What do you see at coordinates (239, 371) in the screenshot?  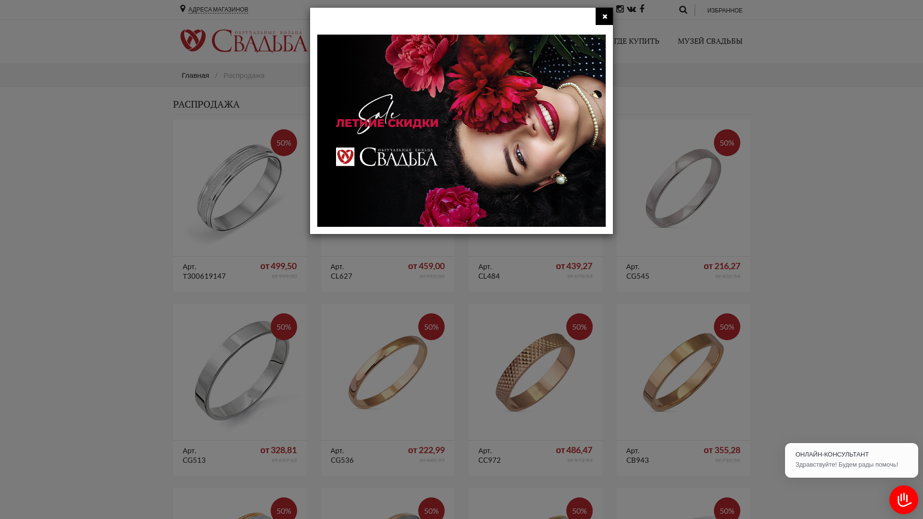 I see `'CG513'` at bounding box center [239, 371].